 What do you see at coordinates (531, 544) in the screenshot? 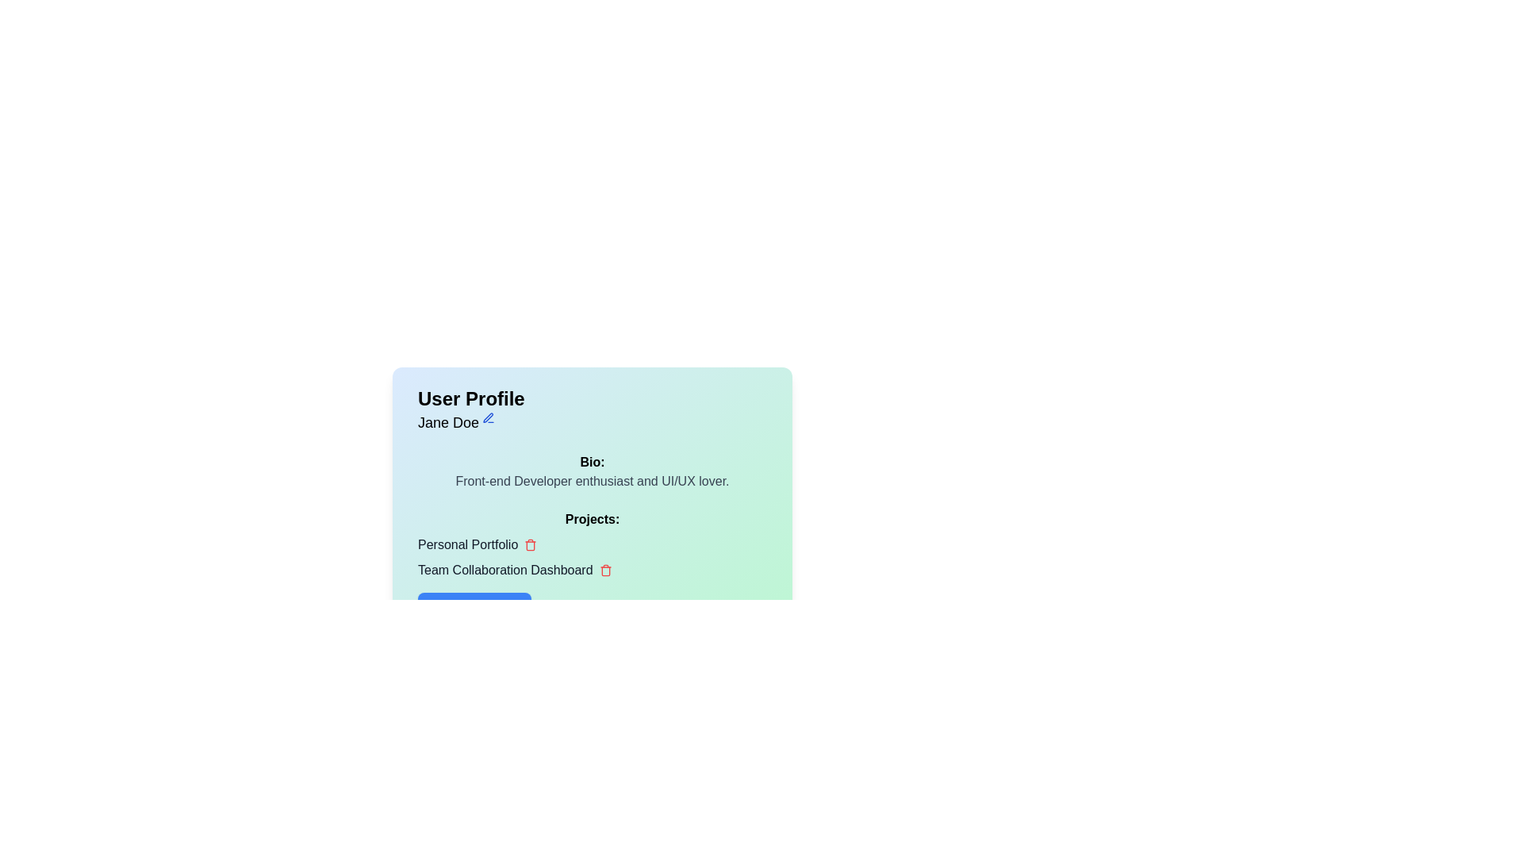
I see `the red trash bin icon button` at bounding box center [531, 544].